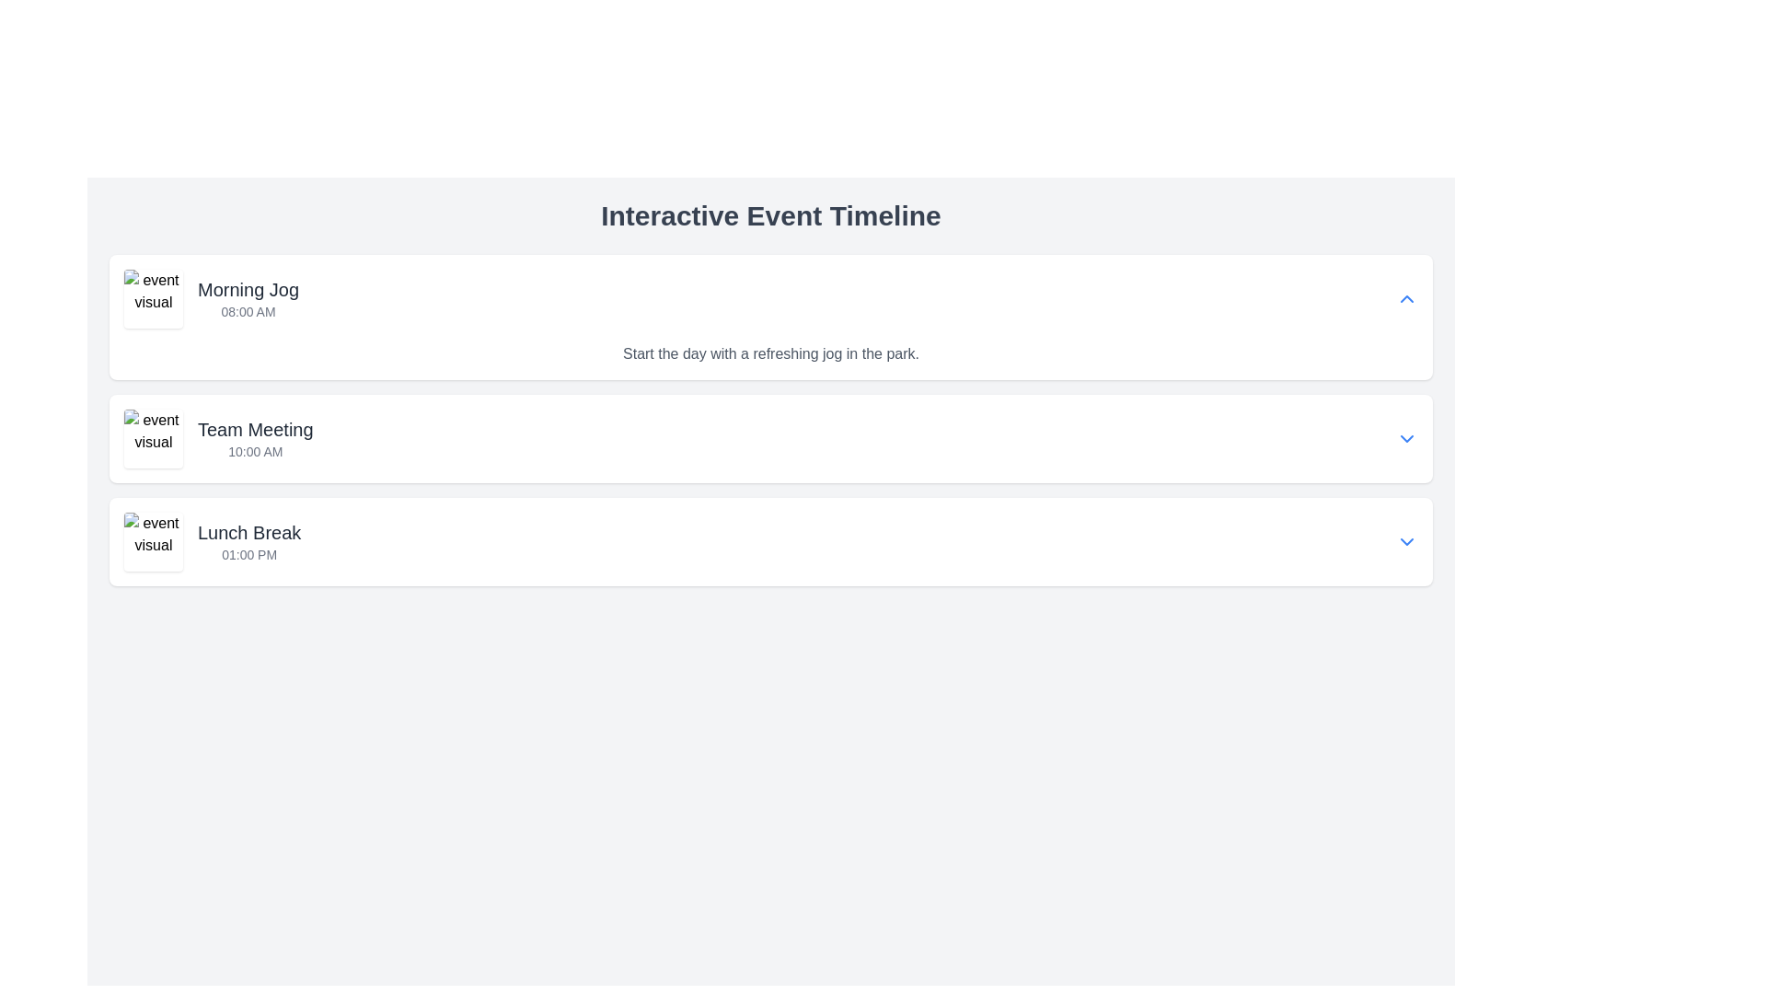  Describe the element at coordinates (218, 439) in the screenshot. I see `on the 'Team Meeting' interactive timeline entry at 10:00 AM` at that location.